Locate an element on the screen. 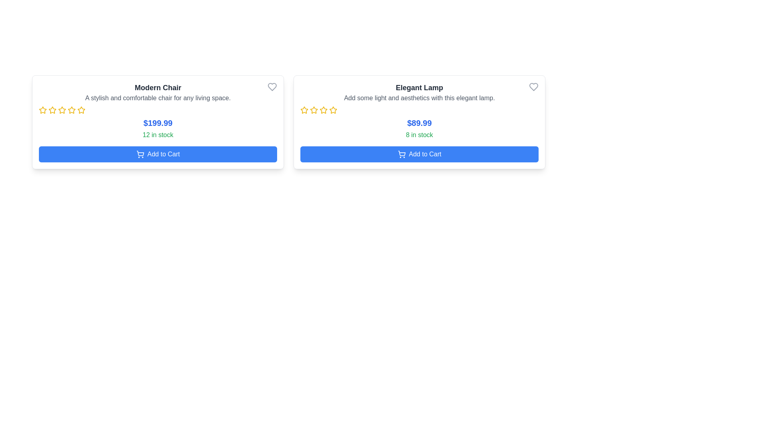  the fifth Rating Star Icon that visually represents a rating option for the product 'Modern Chair', located below the product title and above the price information is located at coordinates (71, 110).